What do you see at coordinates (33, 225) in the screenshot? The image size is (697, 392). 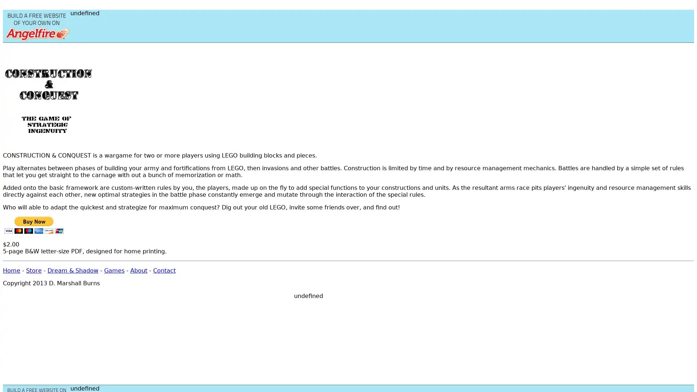 I see `PayPal - The safer, easier way to pay online!` at bounding box center [33, 225].